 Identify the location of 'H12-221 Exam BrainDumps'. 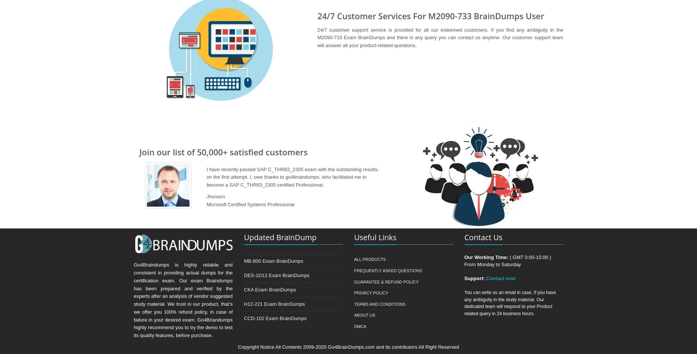
(274, 303).